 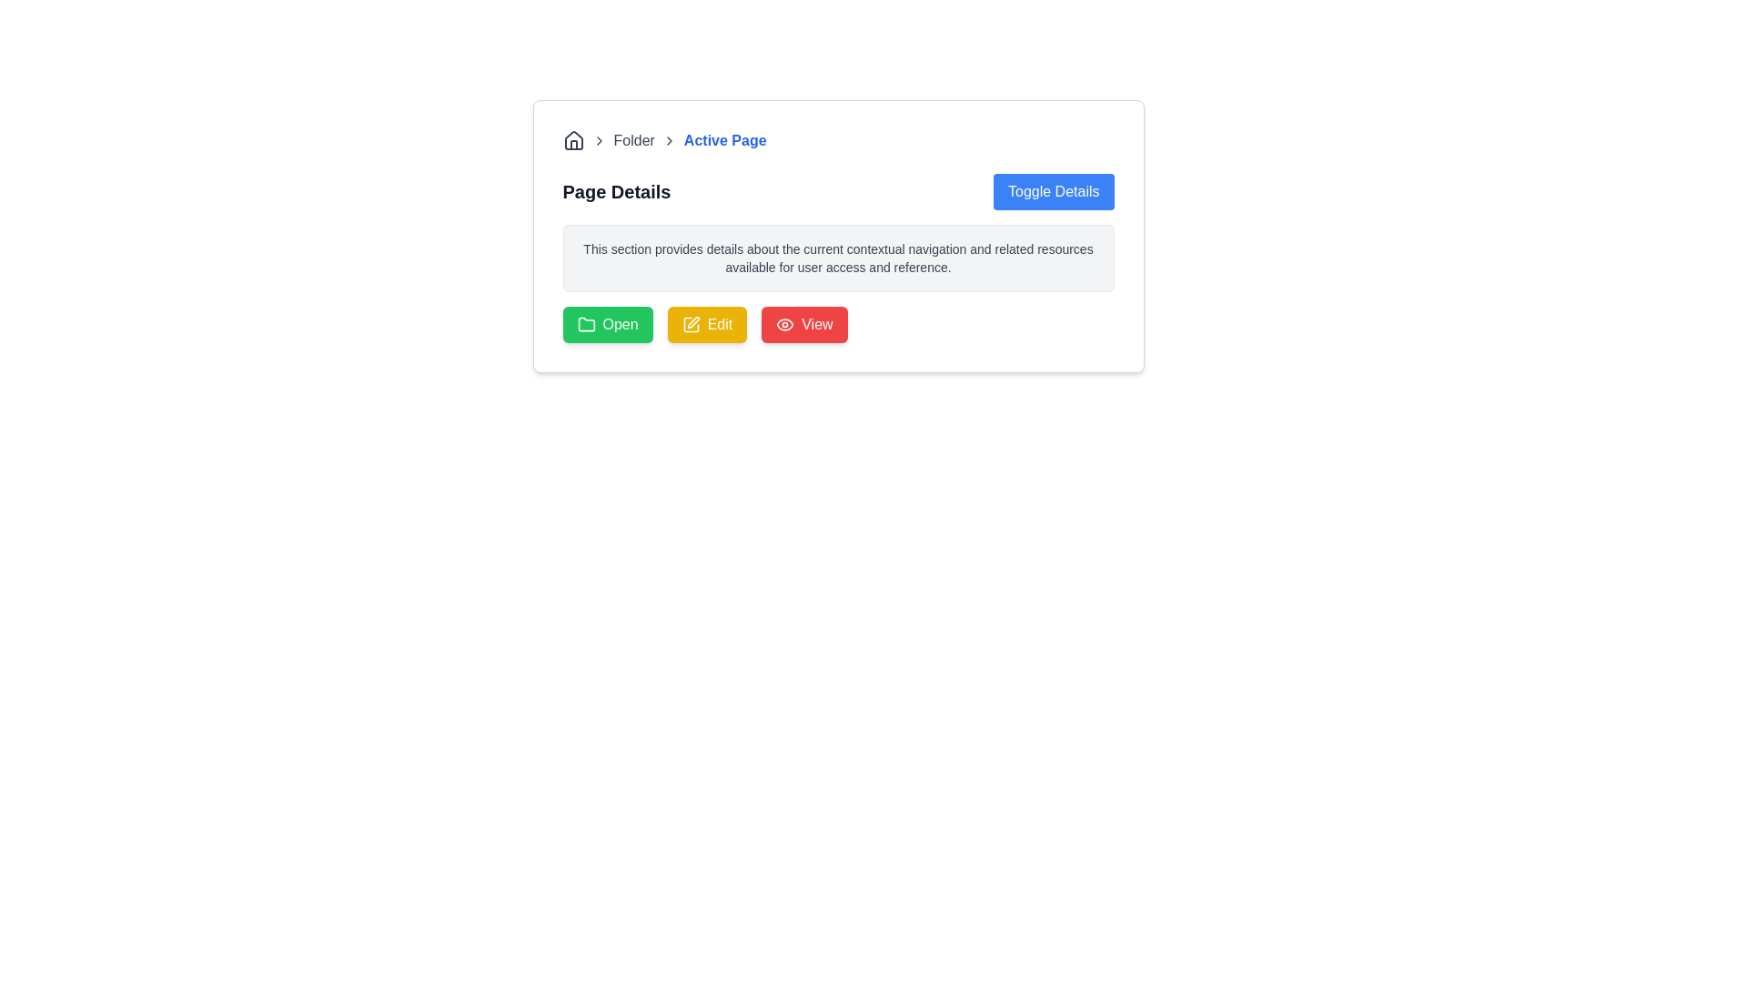 I want to click on the Text block with a light gray background and rounded corners, located below the 'Page Details' heading and above the button row, so click(x=837, y=258).